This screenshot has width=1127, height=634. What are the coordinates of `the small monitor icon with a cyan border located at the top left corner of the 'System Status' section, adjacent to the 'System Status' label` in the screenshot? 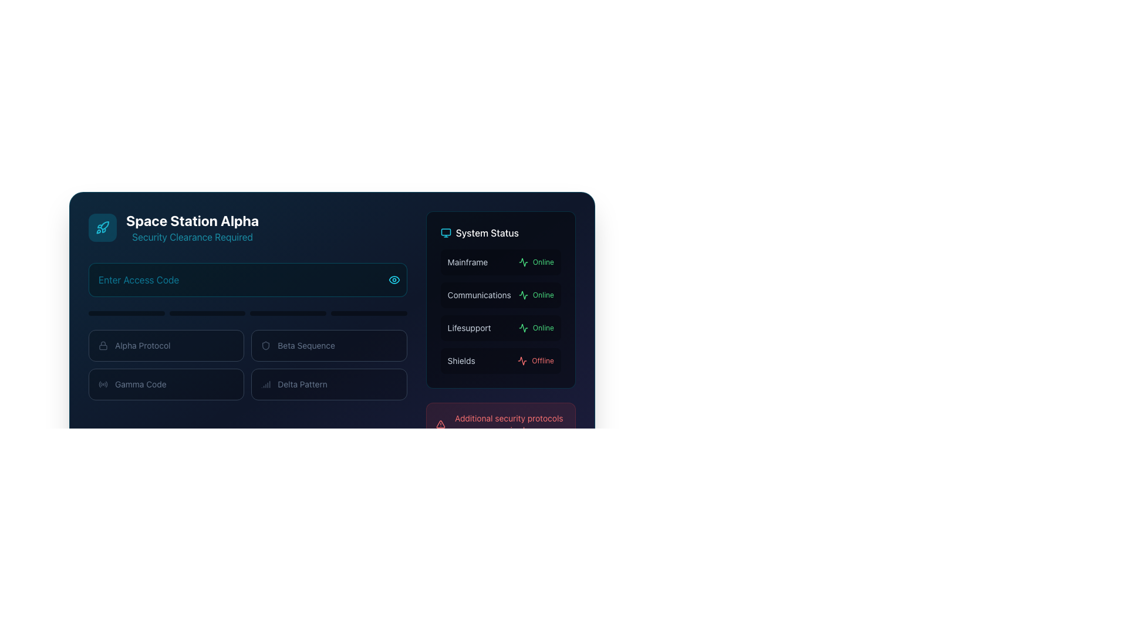 It's located at (445, 233).